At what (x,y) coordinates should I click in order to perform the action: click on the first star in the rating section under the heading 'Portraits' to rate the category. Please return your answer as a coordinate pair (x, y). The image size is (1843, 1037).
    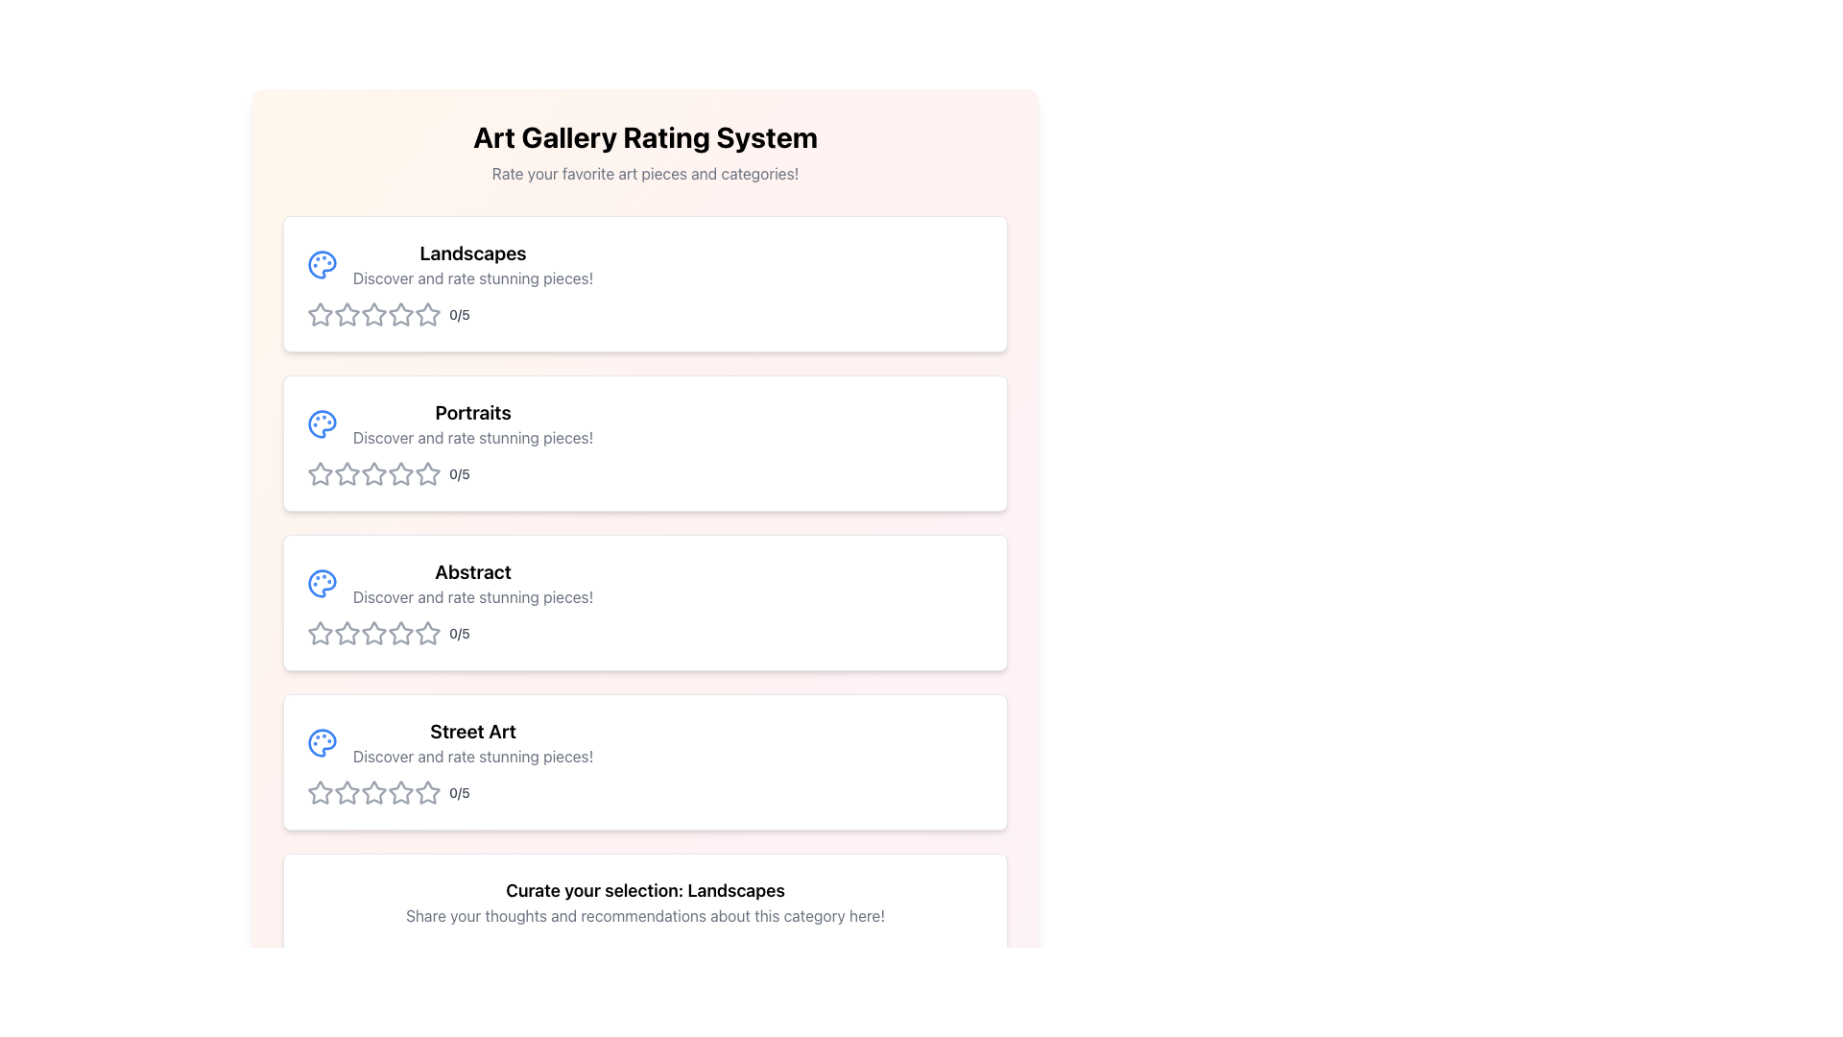
    Looking at the image, I should click on (319, 473).